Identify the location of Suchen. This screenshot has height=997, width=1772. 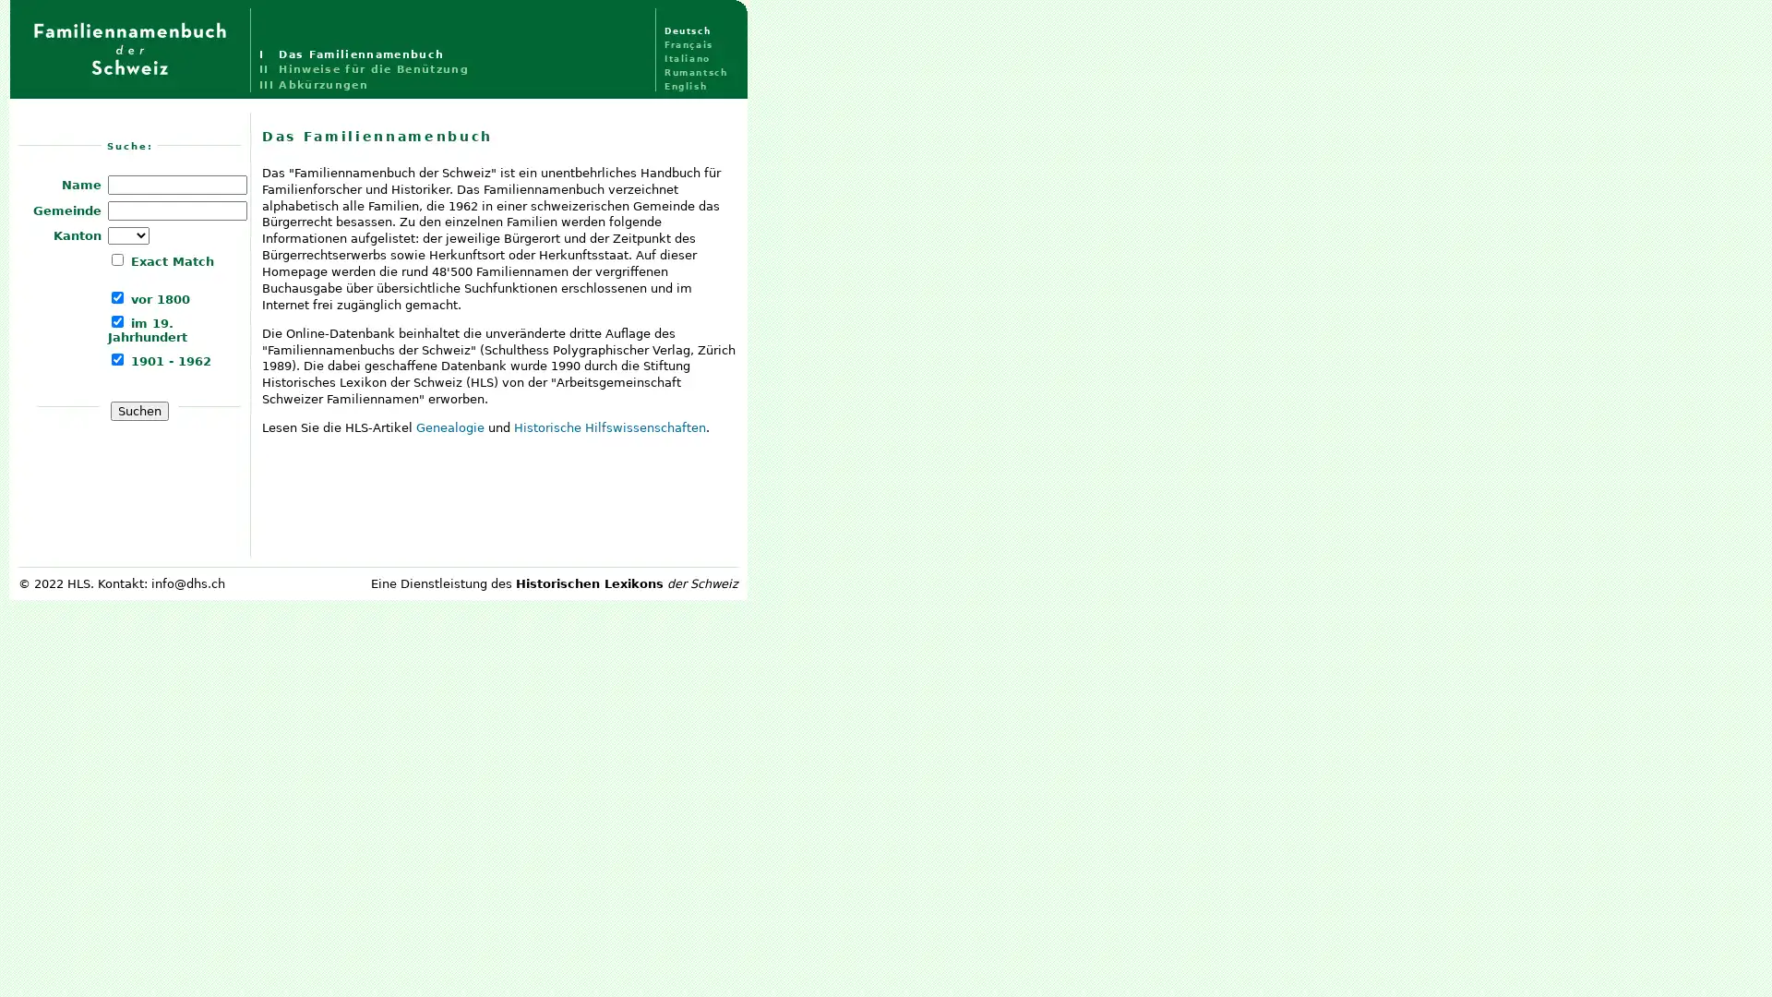
(138, 410).